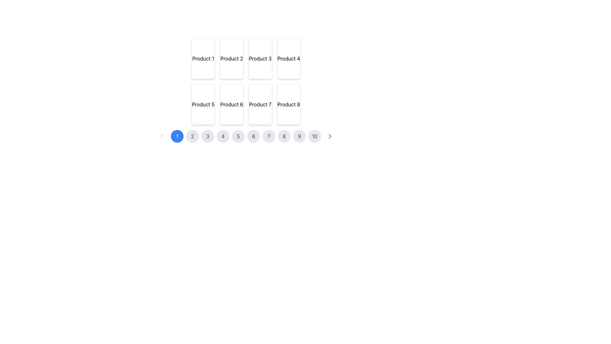 Image resolution: width=611 pixels, height=344 pixels. What do you see at coordinates (288, 104) in the screenshot?
I see `the product card located in the bottom-right corner of a 4x2 grid, which is directly below 'Product 4' and to the right of 'Product 7'` at bounding box center [288, 104].